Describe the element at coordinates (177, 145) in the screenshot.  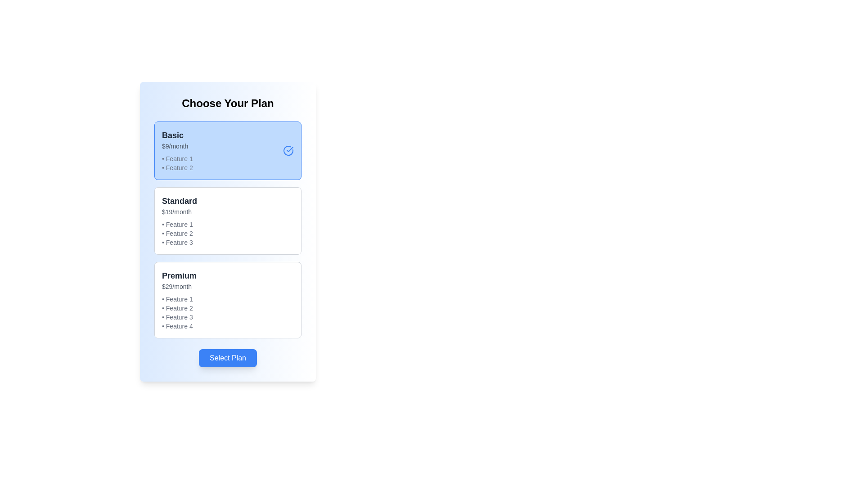
I see `the text label displaying '$9/month' which is located below the title 'Basic' in the Basic plan card` at that location.